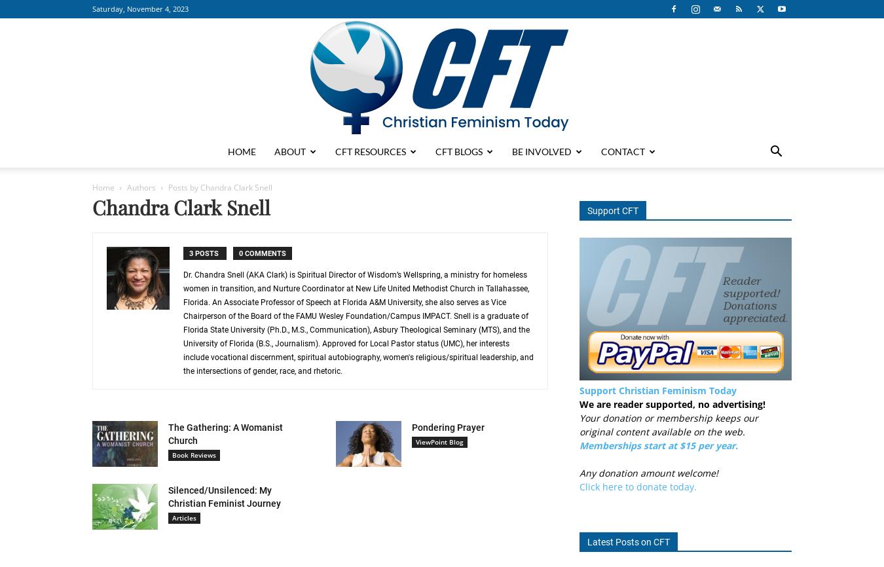  What do you see at coordinates (411, 426) in the screenshot?
I see `'Pondering Prayer'` at bounding box center [411, 426].